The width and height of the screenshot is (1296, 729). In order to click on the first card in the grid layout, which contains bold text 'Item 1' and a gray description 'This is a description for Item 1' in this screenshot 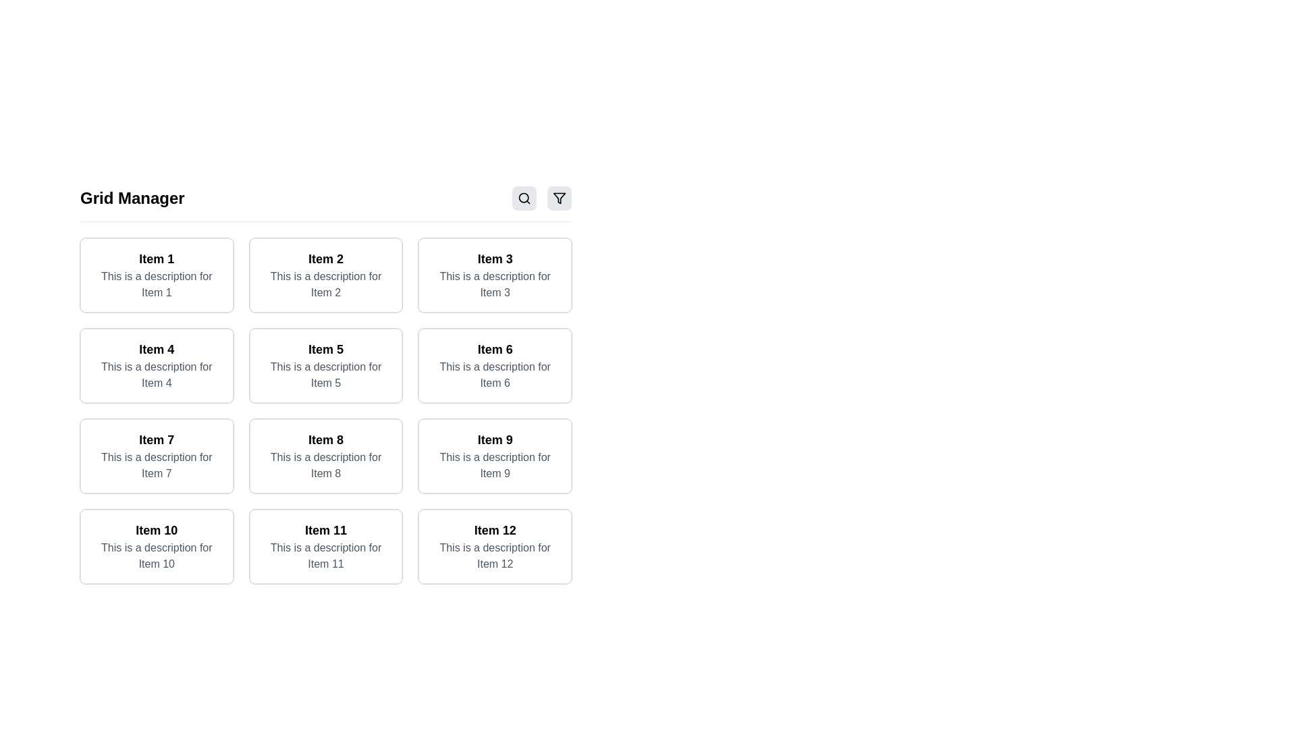, I will do `click(157, 275)`.